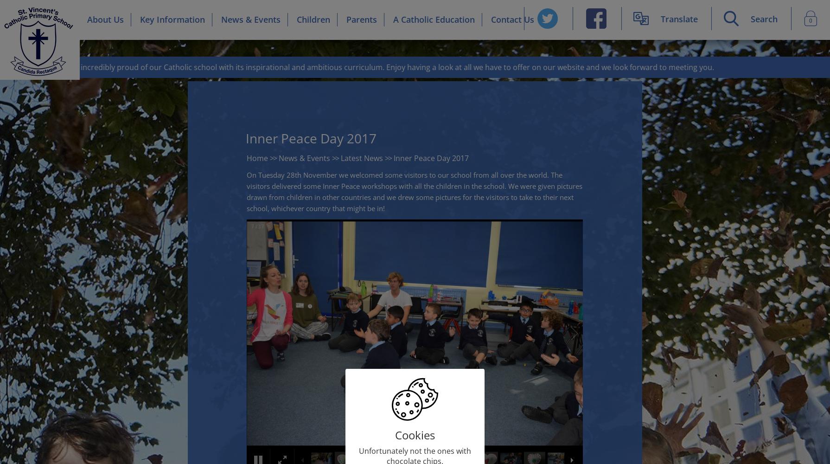 This screenshot has height=464, width=830. I want to click on '7', so click(252, 226).